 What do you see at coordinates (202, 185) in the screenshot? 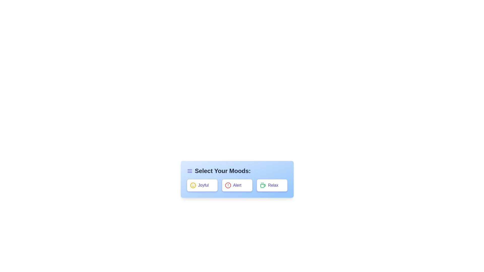
I see `the tag Joyful` at bounding box center [202, 185].